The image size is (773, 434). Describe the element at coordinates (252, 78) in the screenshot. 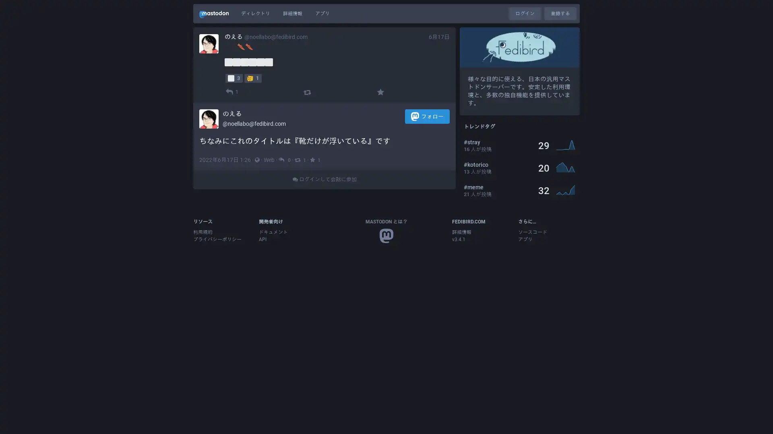

I see `:blobcatthink 1` at that location.